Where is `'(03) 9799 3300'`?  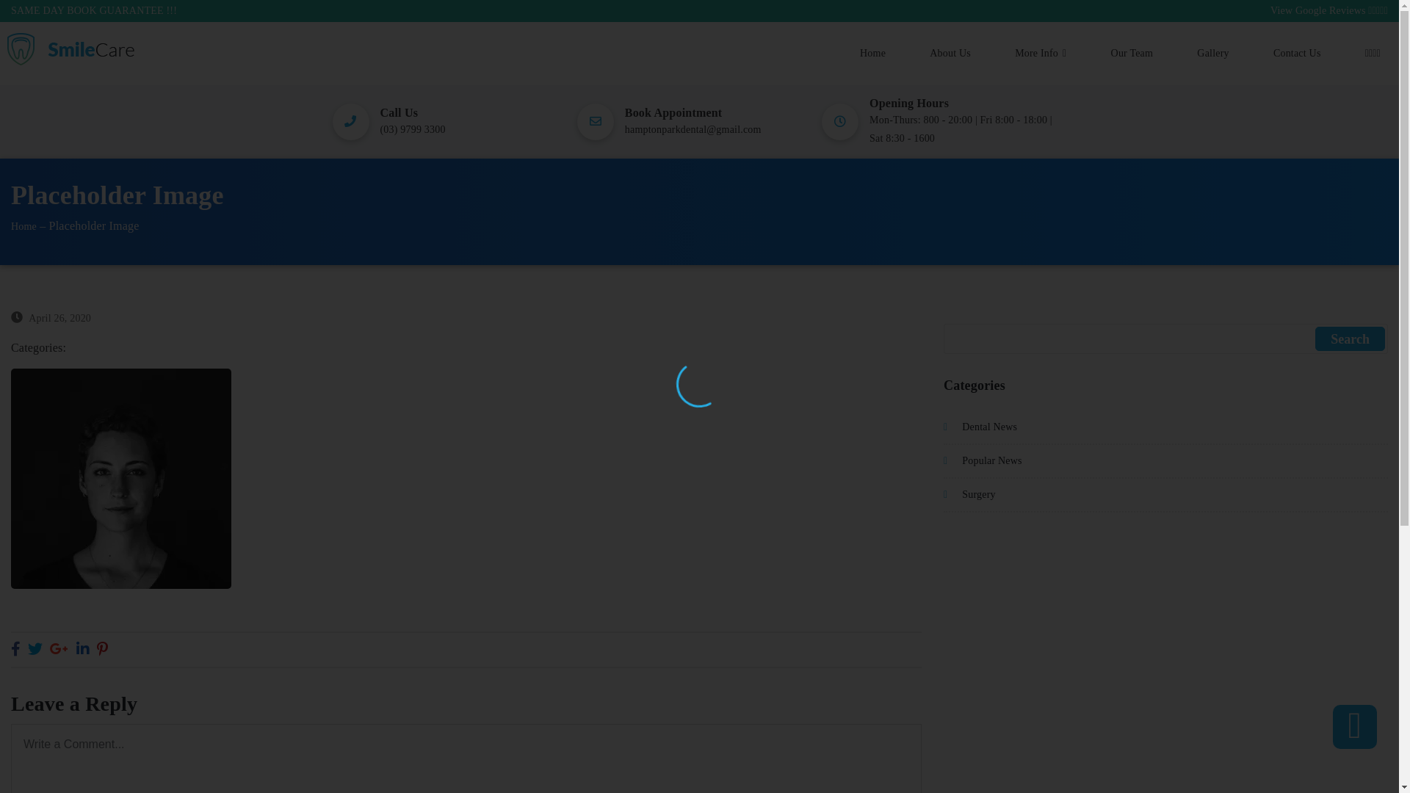
'(03) 9799 3300' is located at coordinates (412, 128).